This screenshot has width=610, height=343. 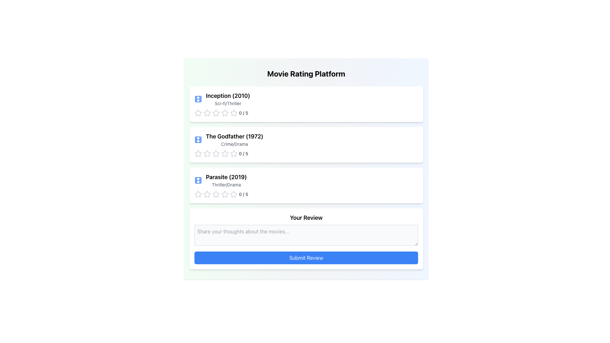 I want to click on the small blue movie reel icon, which is positioned to the left of the movie title 'The Godfather (1972)' in the second entry of a vertical list of movie items, so click(x=198, y=139).